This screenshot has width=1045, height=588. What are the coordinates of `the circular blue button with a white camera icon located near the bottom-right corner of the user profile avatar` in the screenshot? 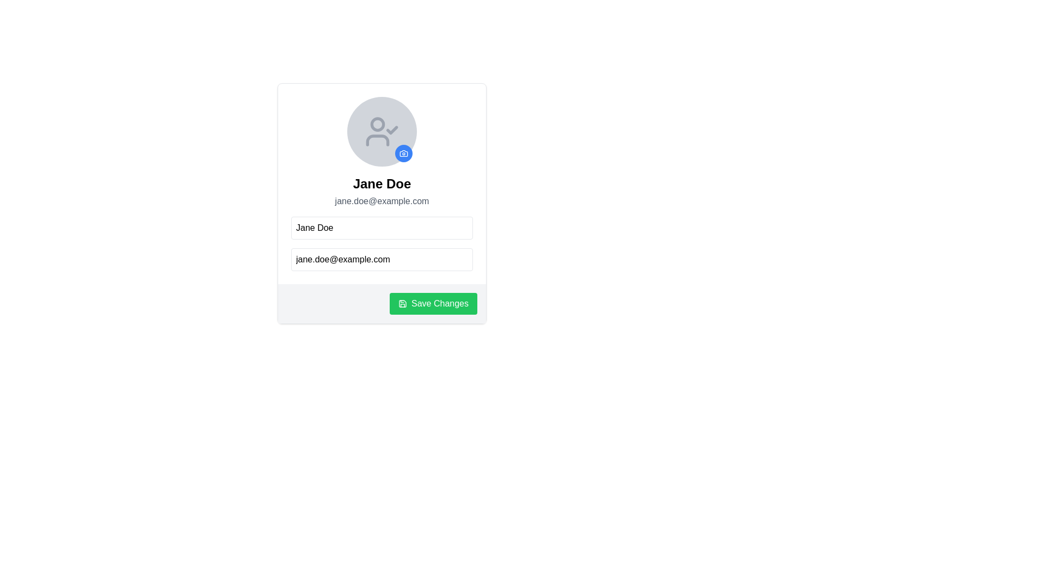 It's located at (403, 153).